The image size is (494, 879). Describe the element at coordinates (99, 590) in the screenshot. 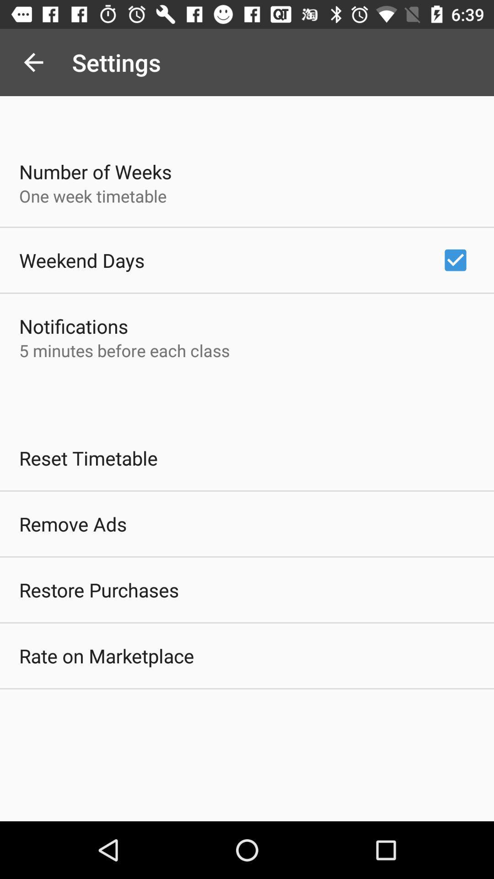

I see `restore purchases app` at that location.